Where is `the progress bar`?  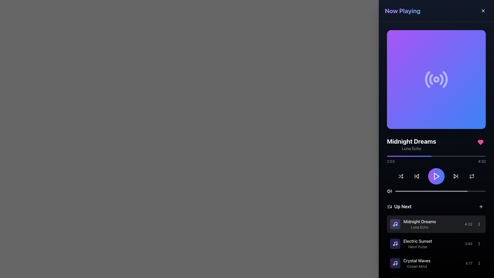 the progress bar is located at coordinates (421, 156).